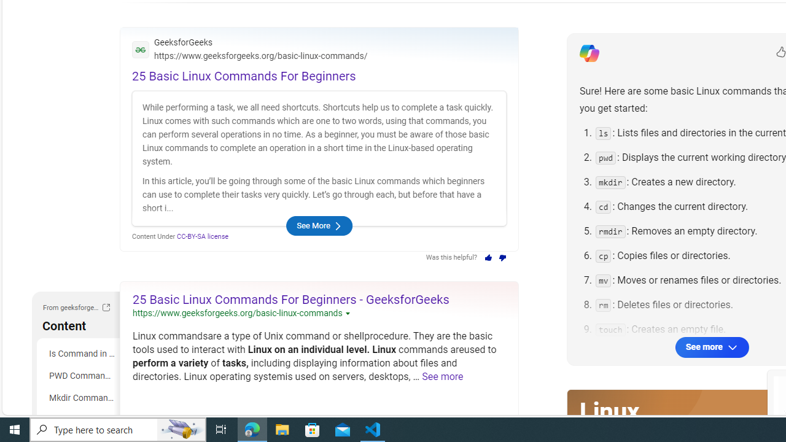 The height and width of the screenshot is (442, 786). What do you see at coordinates (319, 225) in the screenshot?
I see `'See More'` at bounding box center [319, 225].